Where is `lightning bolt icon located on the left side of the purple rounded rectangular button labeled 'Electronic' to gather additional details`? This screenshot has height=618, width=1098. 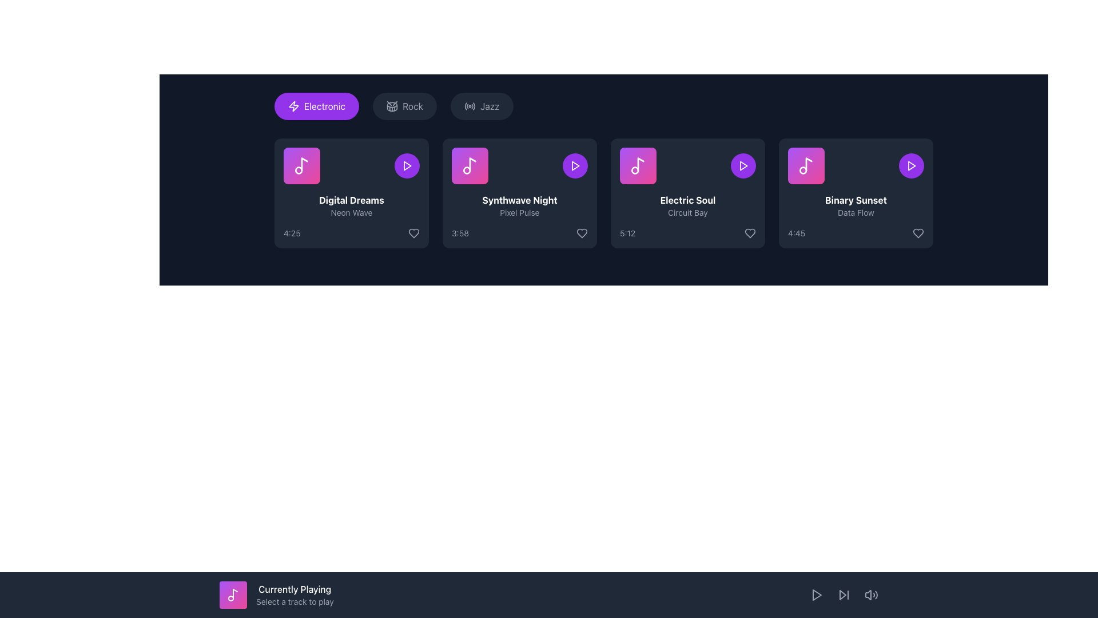 lightning bolt icon located on the left side of the purple rounded rectangular button labeled 'Electronic' to gather additional details is located at coordinates (293, 106).